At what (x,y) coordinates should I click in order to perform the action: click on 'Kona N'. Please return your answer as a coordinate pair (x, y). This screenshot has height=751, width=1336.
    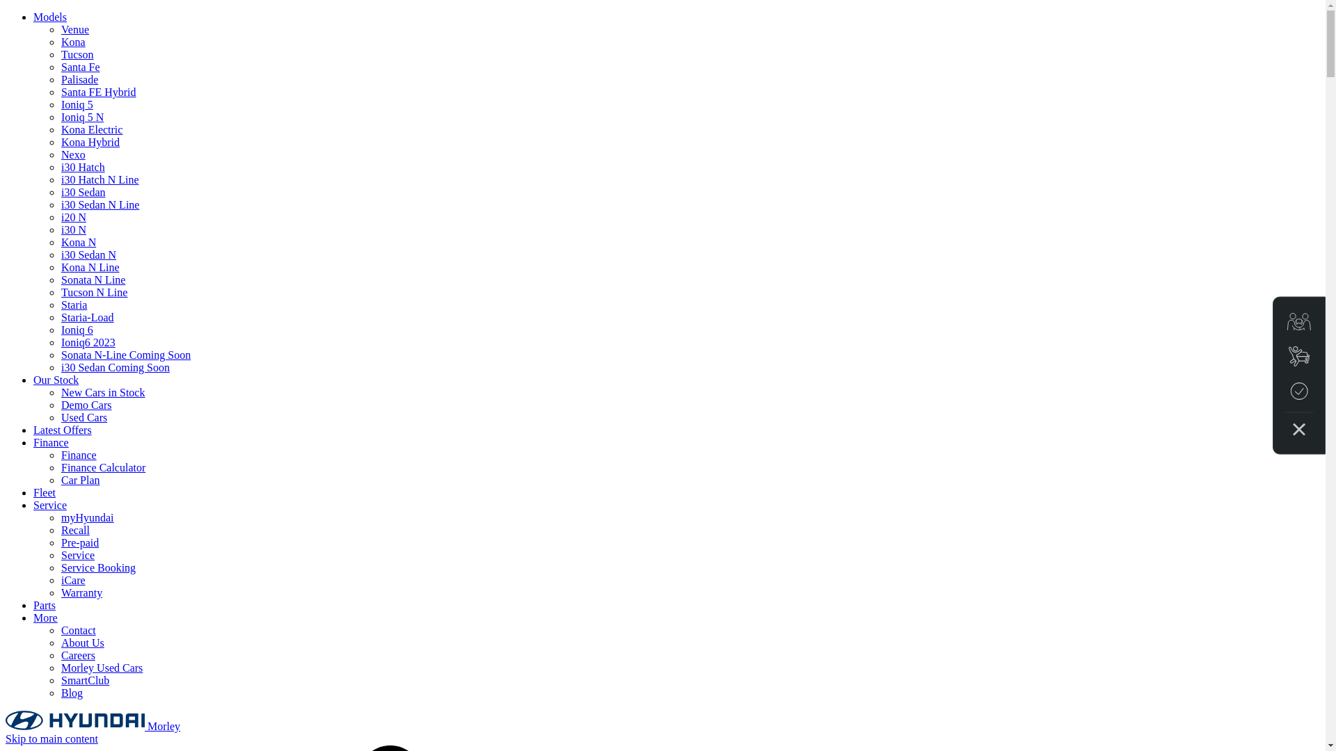
    Looking at the image, I should click on (78, 241).